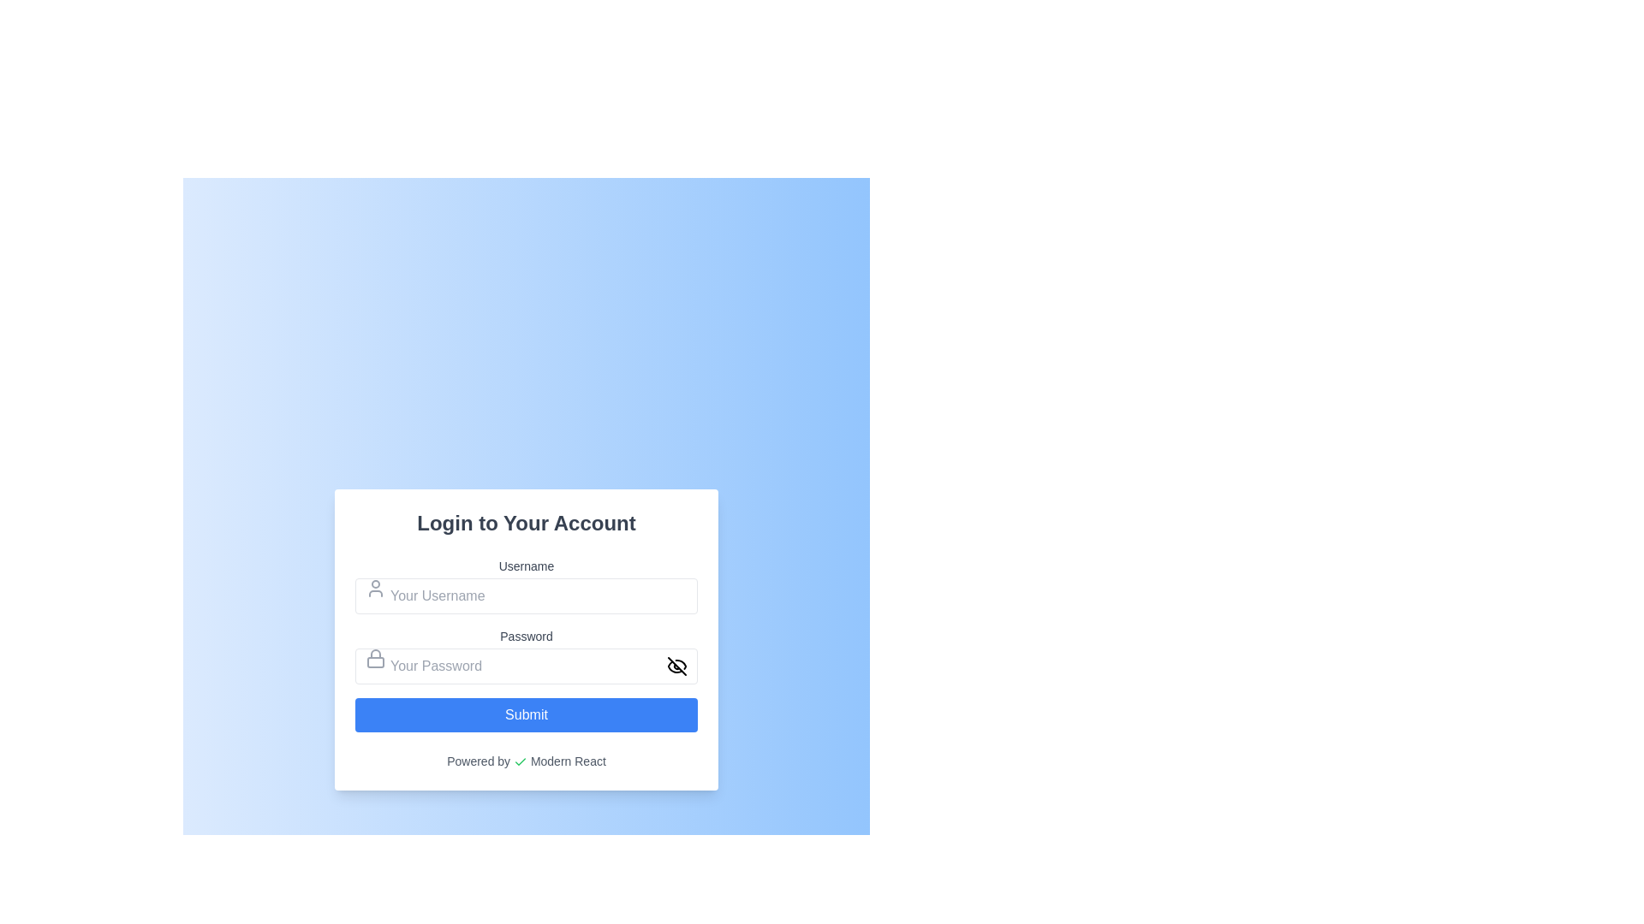 The image size is (1644, 924). Describe the element at coordinates (520, 761) in the screenshot. I see `the green checkmark icon located in the footer of the login box, to the left of the text 'Powered by Modern React'` at that location.